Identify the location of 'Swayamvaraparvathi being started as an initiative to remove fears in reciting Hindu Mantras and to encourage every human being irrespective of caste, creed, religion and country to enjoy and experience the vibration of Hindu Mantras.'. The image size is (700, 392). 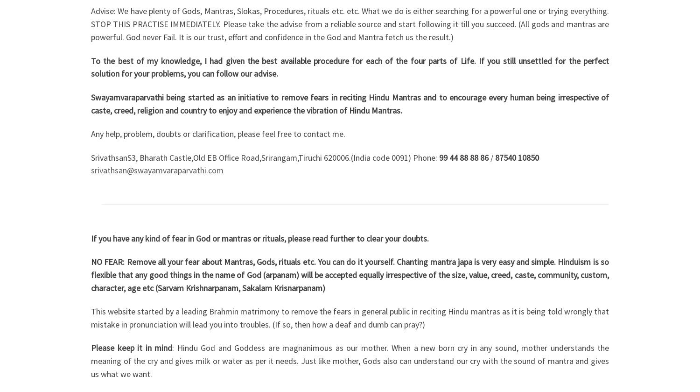
(350, 103).